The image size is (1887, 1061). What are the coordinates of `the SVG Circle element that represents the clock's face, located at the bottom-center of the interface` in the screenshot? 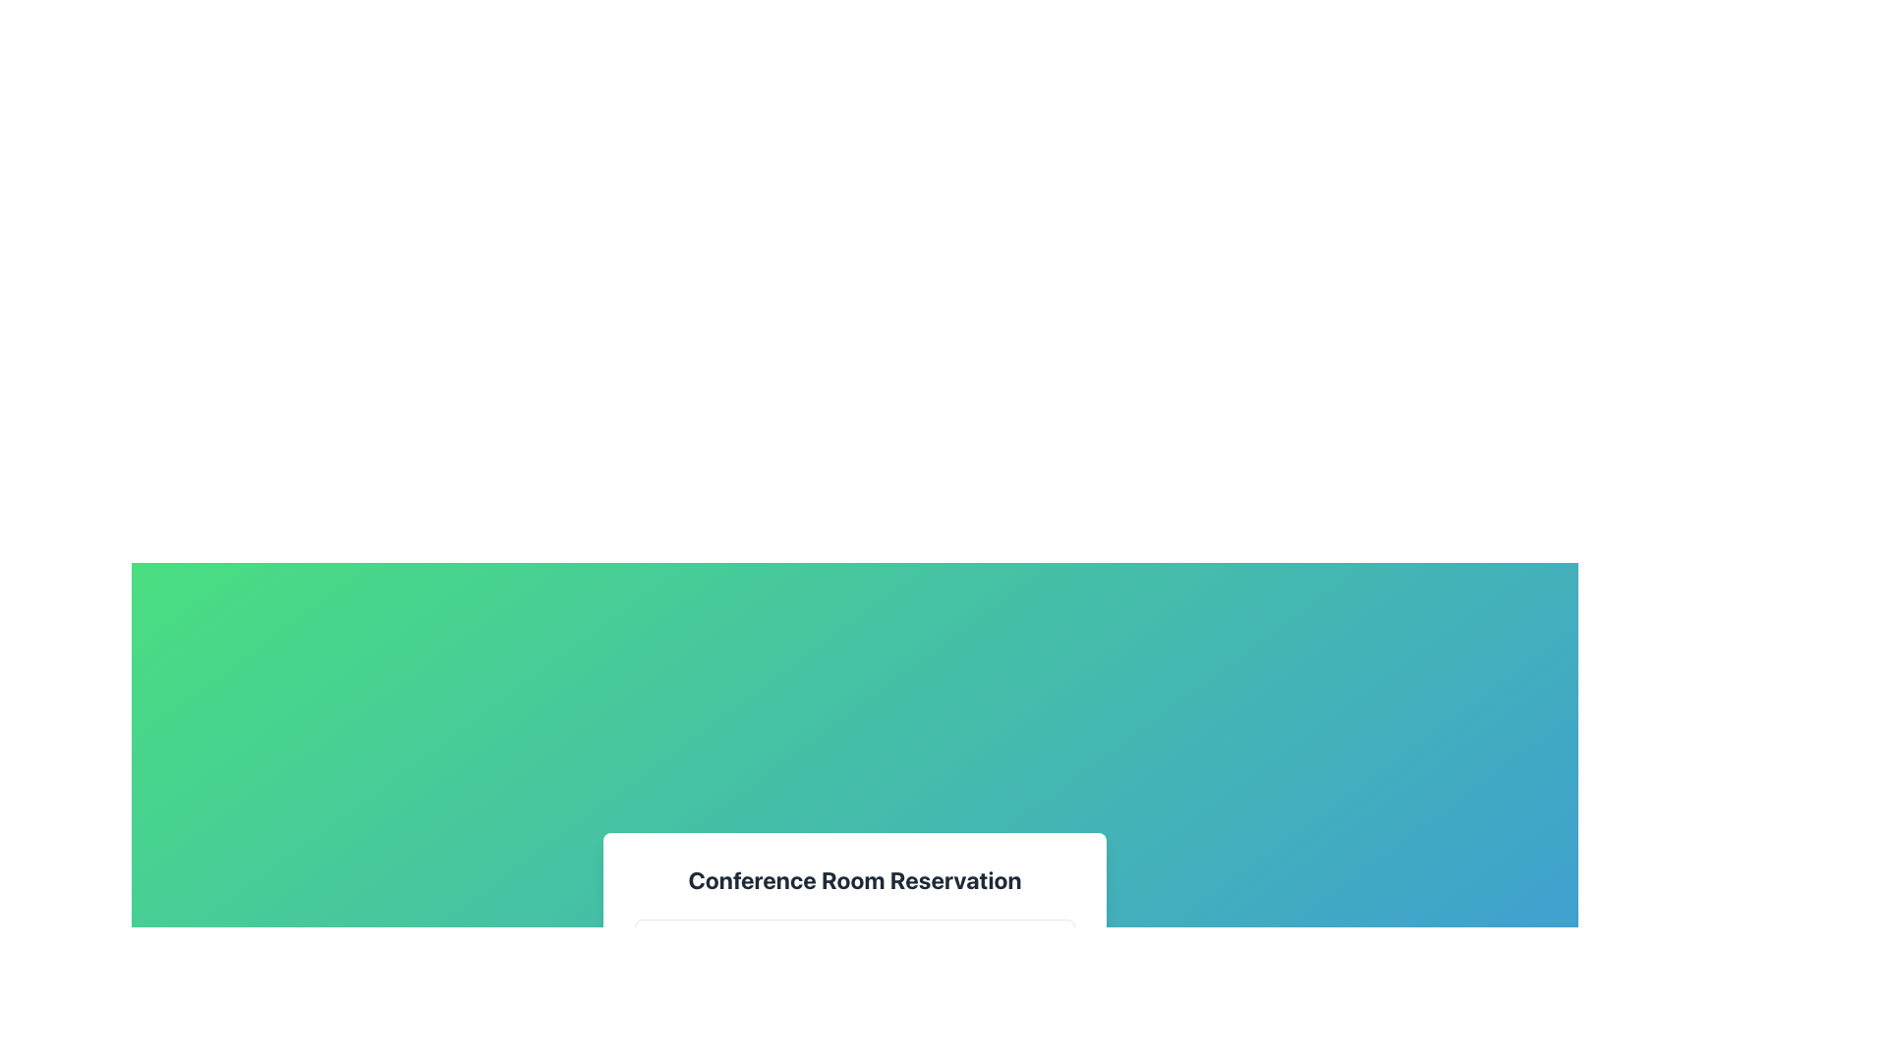 It's located at (886, 1017).